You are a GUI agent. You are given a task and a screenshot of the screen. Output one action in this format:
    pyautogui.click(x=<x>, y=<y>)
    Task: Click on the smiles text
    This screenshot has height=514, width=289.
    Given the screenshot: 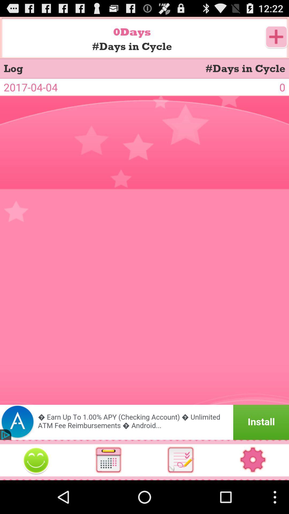 What is the action you would take?
    pyautogui.click(x=36, y=460)
    